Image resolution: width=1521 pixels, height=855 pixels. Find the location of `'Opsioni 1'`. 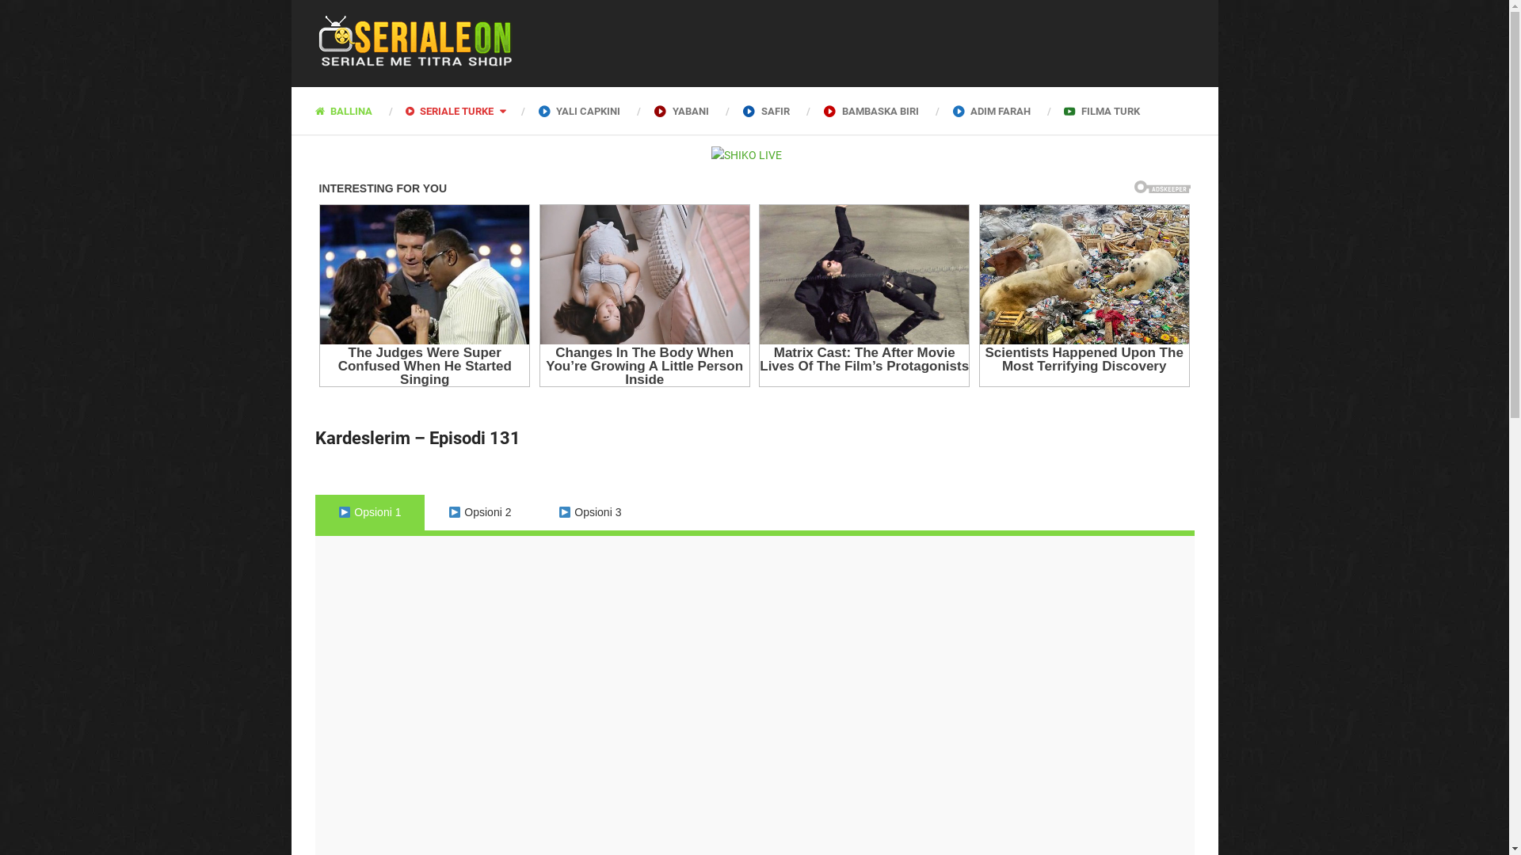

'Opsioni 1' is located at coordinates (369, 512).